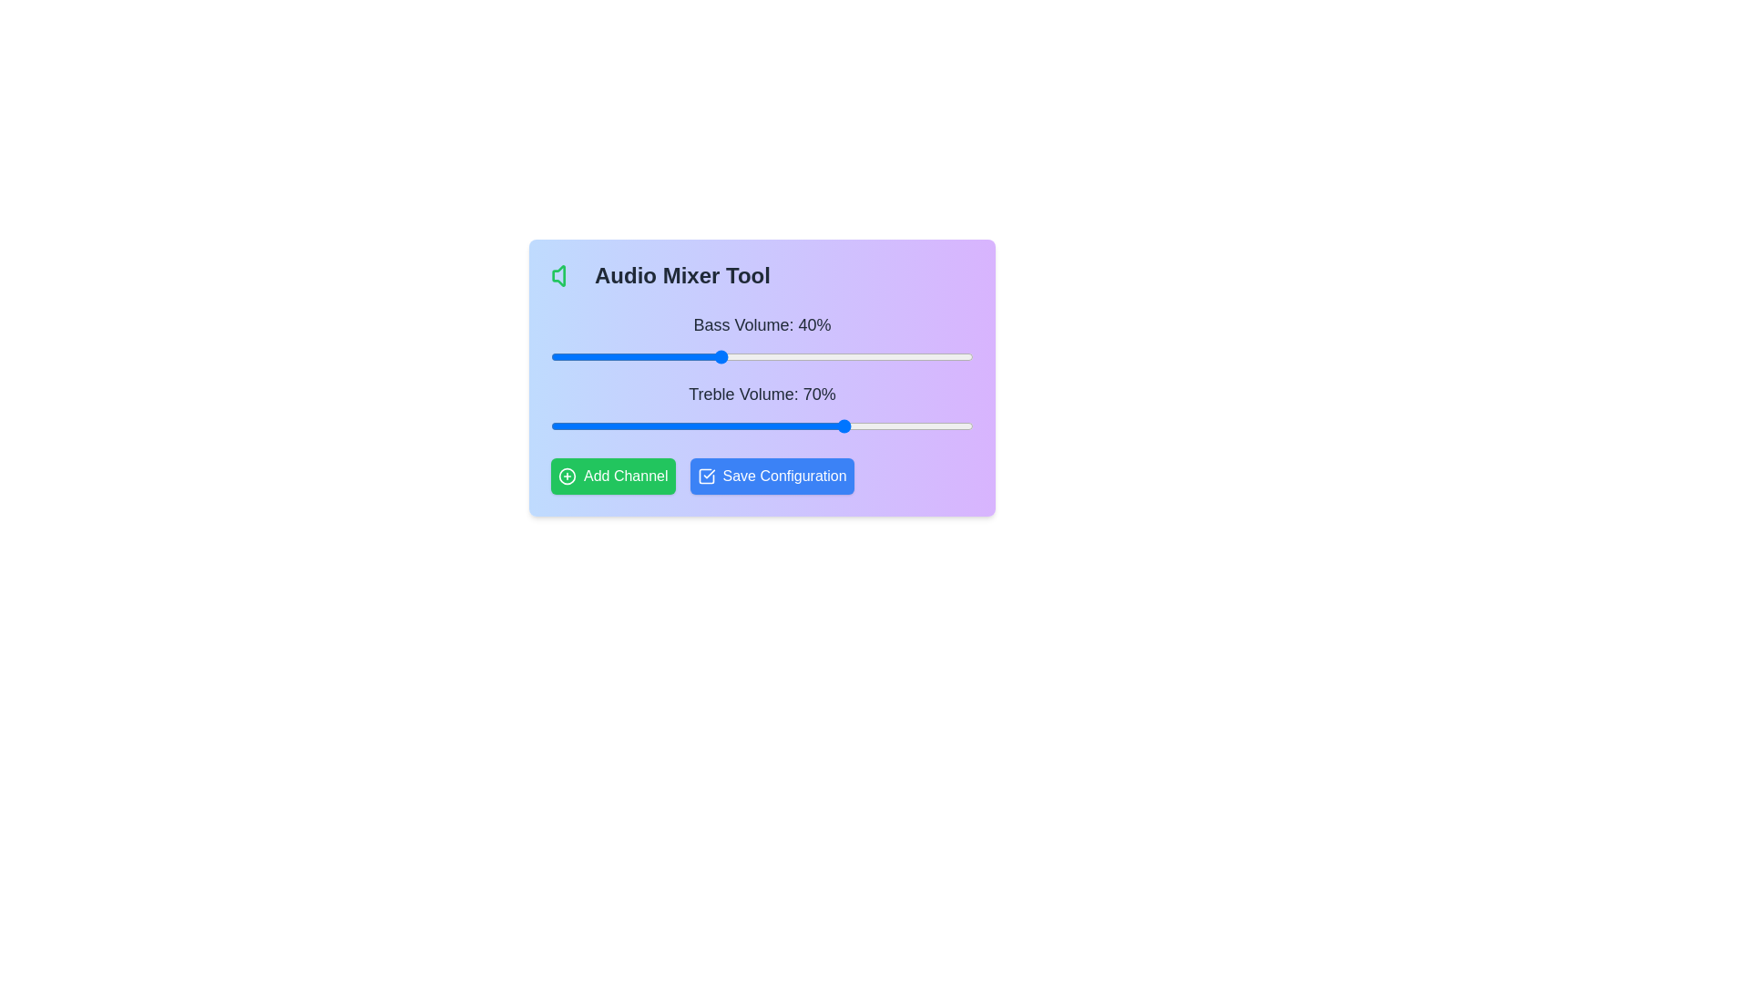 This screenshot has width=1749, height=984. Describe the element at coordinates (762, 425) in the screenshot. I see `and drag the blue horizontal range slider labeled 'Treble Volume: 70%' to adjust the value` at that location.